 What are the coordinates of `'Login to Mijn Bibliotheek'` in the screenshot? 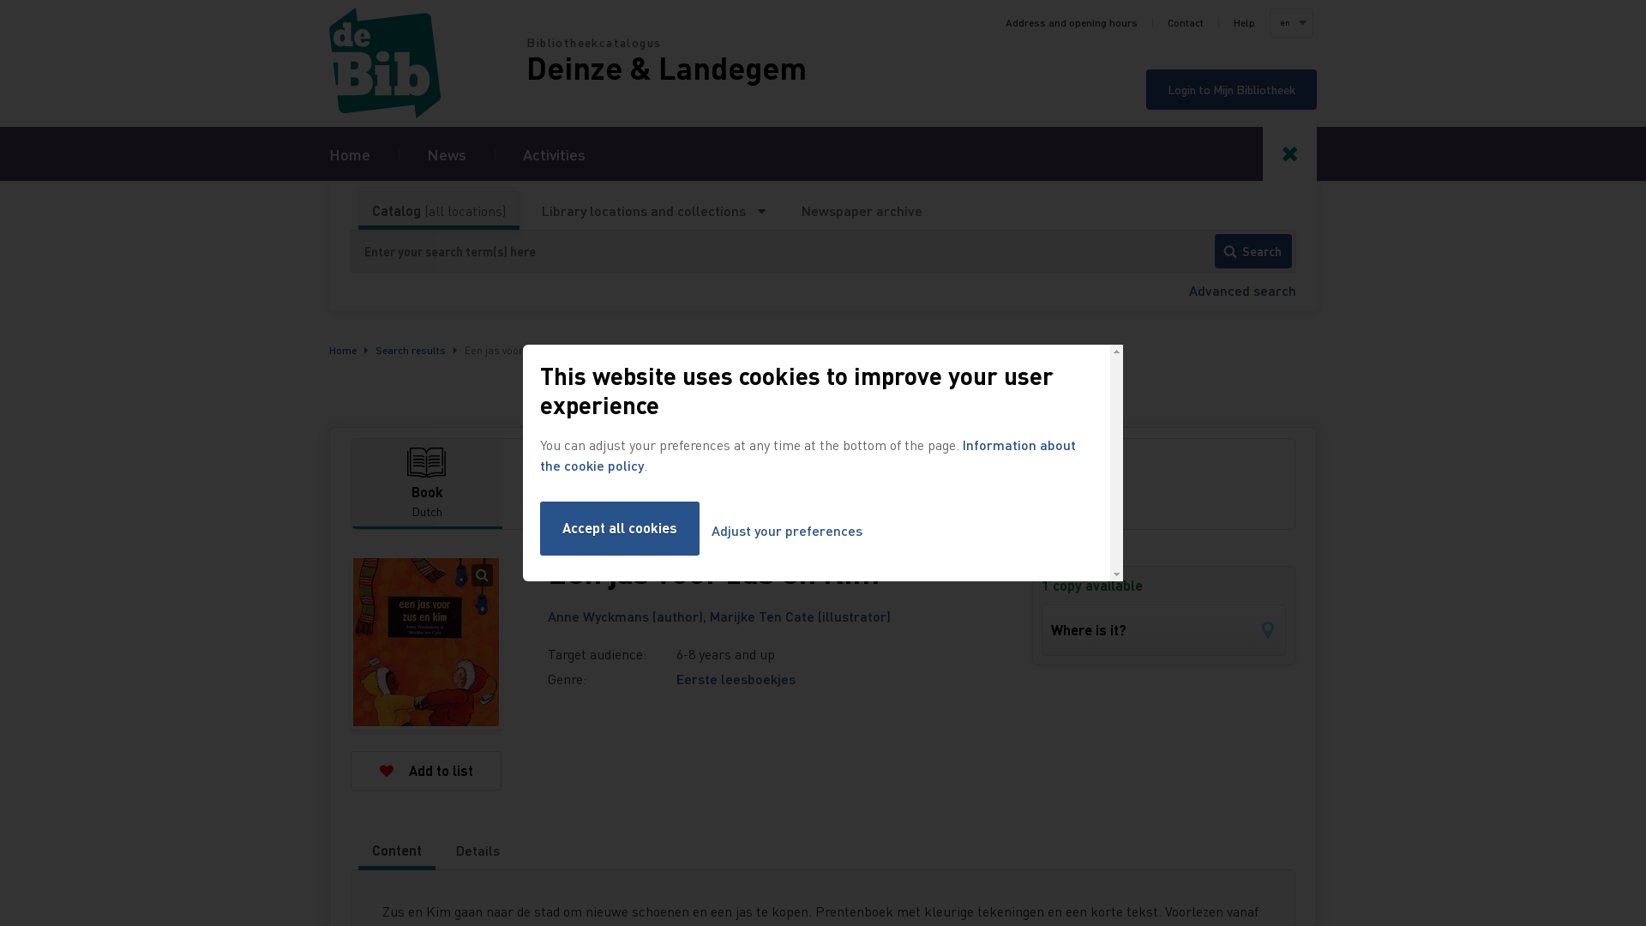 It's located at (1146, 89).